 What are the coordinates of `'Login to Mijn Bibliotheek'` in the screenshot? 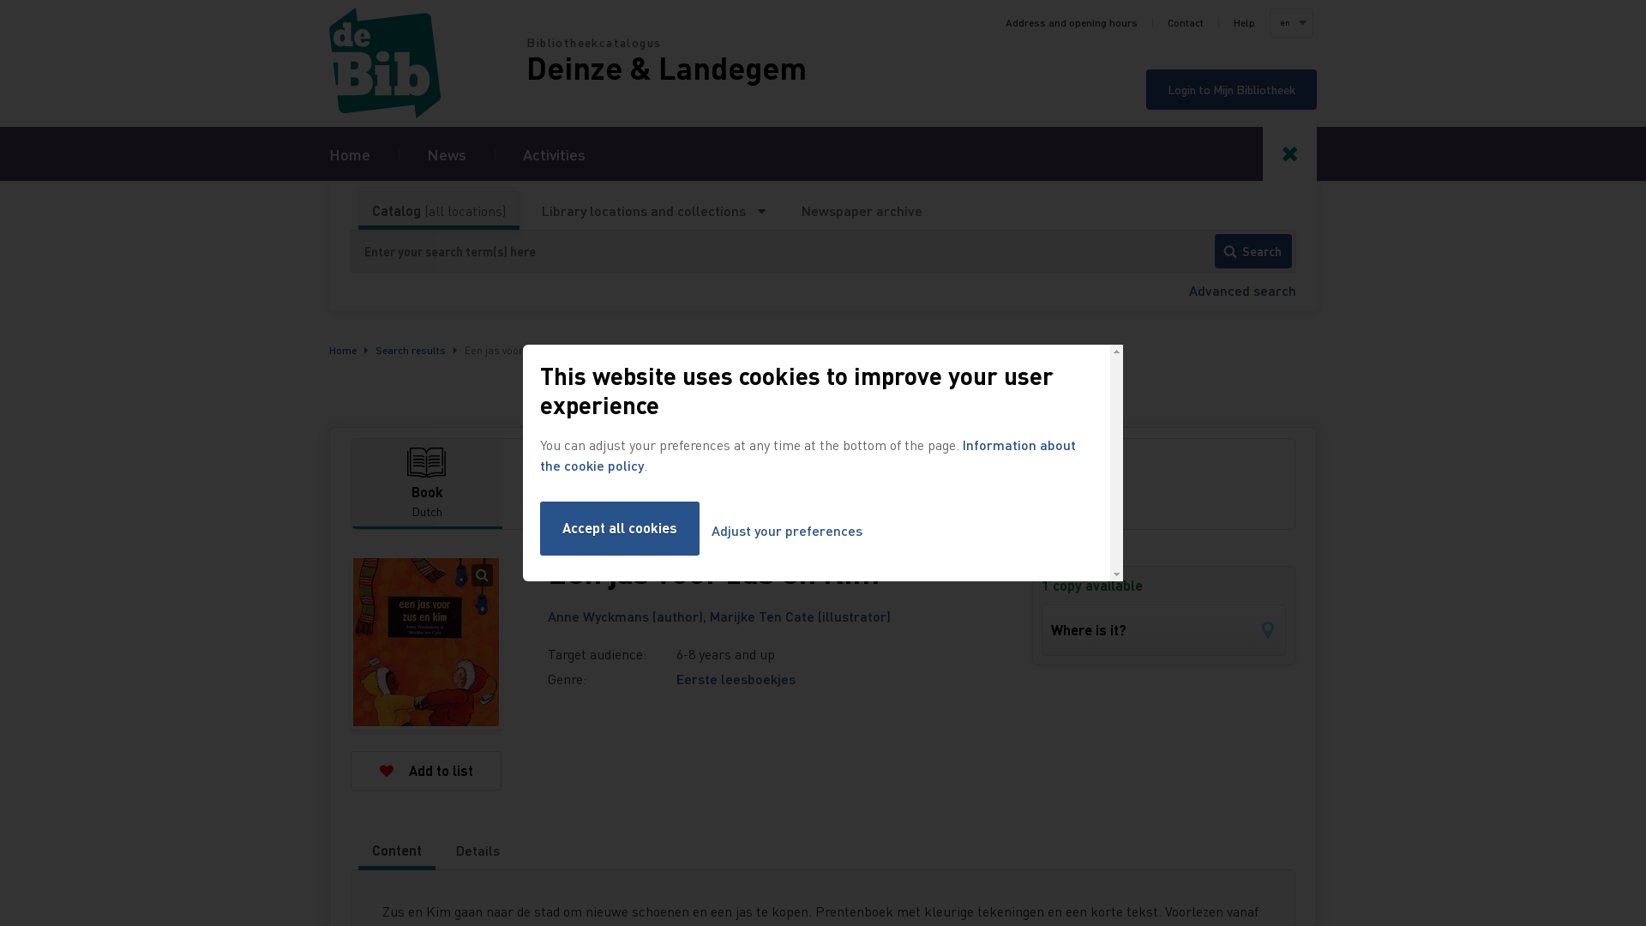 It's located at (1146, 89).